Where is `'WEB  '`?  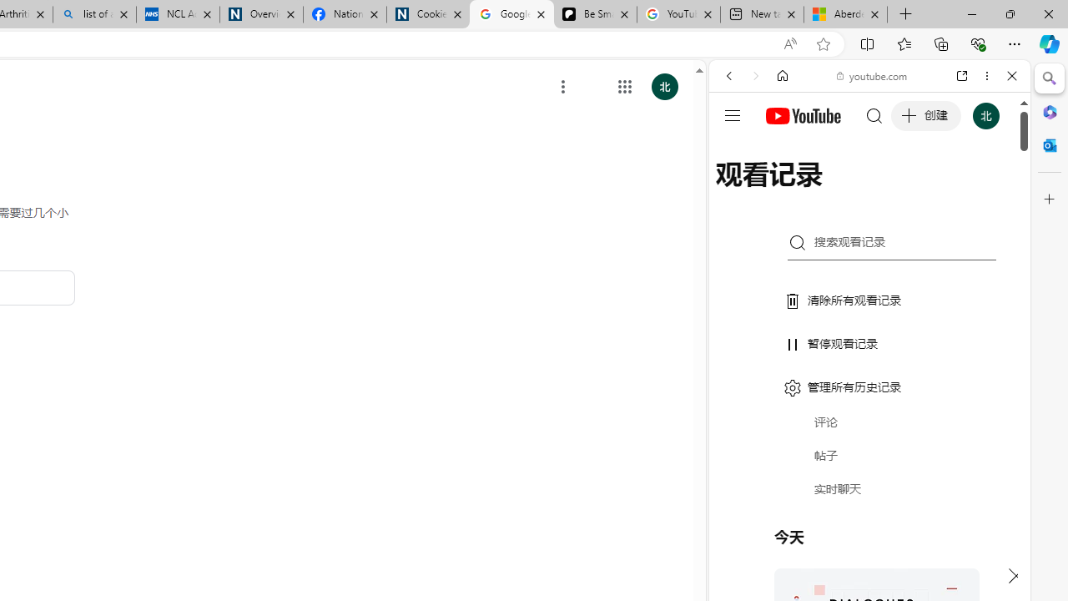
'WEB  ' is located at coordinates (735, 189).